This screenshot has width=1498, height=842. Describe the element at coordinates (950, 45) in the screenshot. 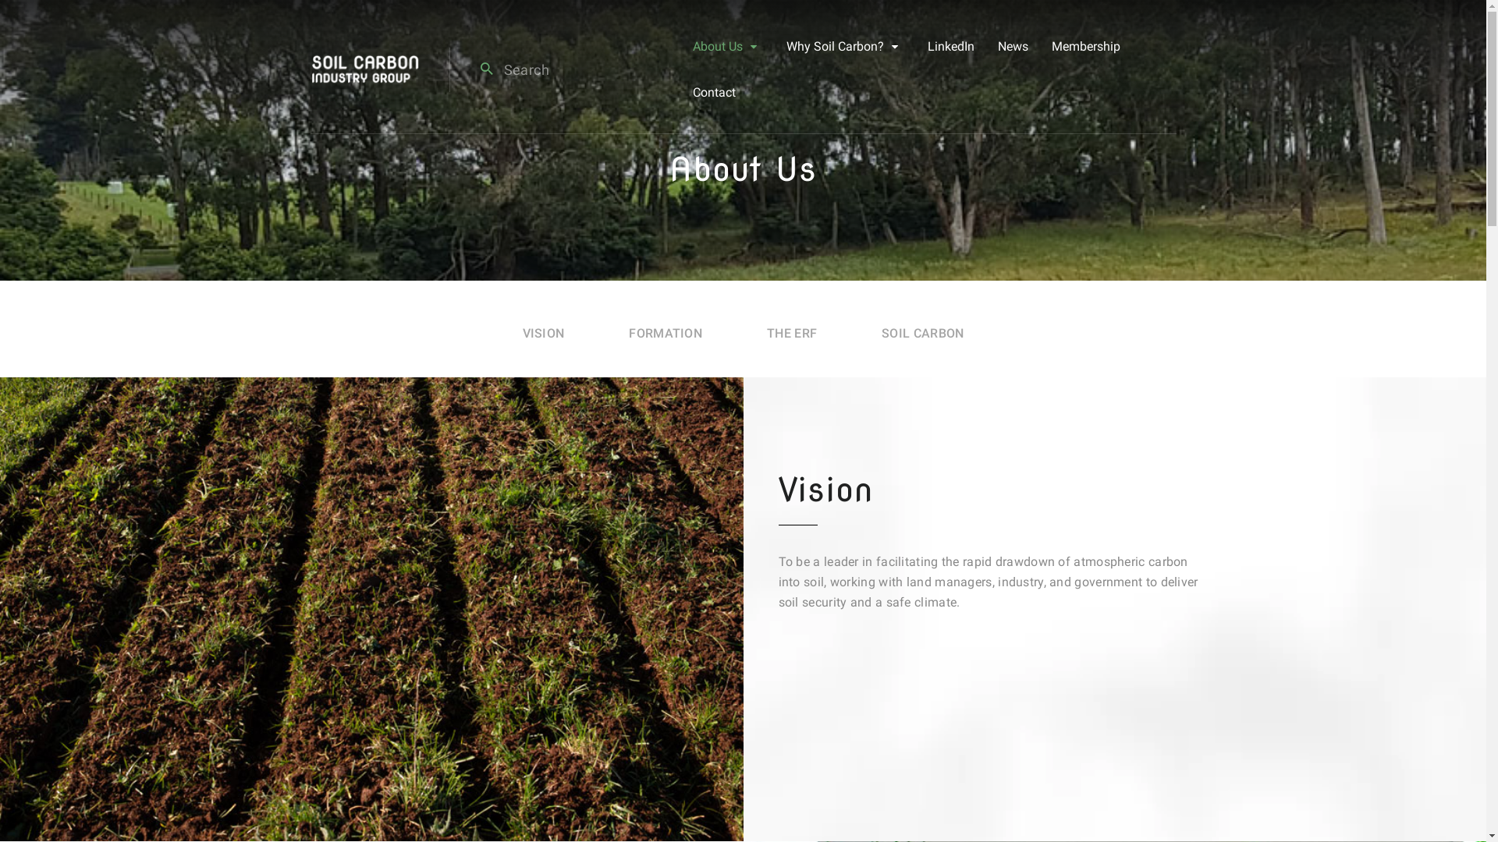

I see `'LinkedIn'` at that location.